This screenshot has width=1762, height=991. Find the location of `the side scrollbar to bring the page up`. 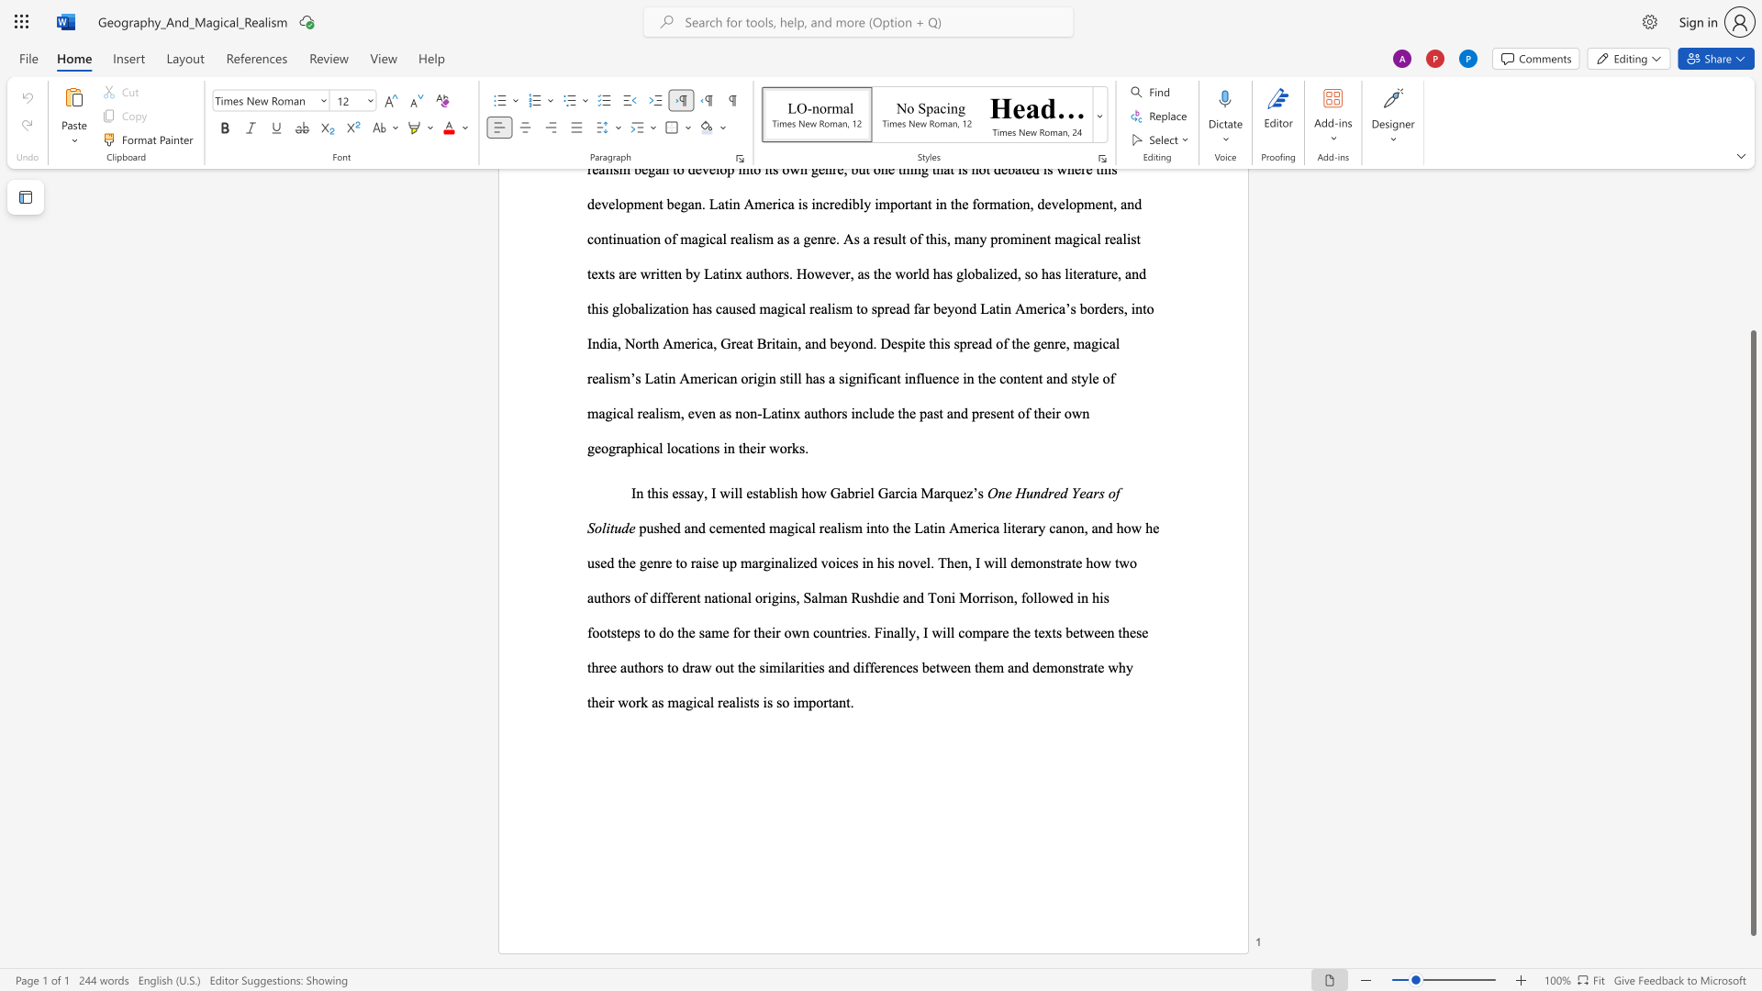

the side scrollbar to bring the page up is located at coordinates (1752, 210).